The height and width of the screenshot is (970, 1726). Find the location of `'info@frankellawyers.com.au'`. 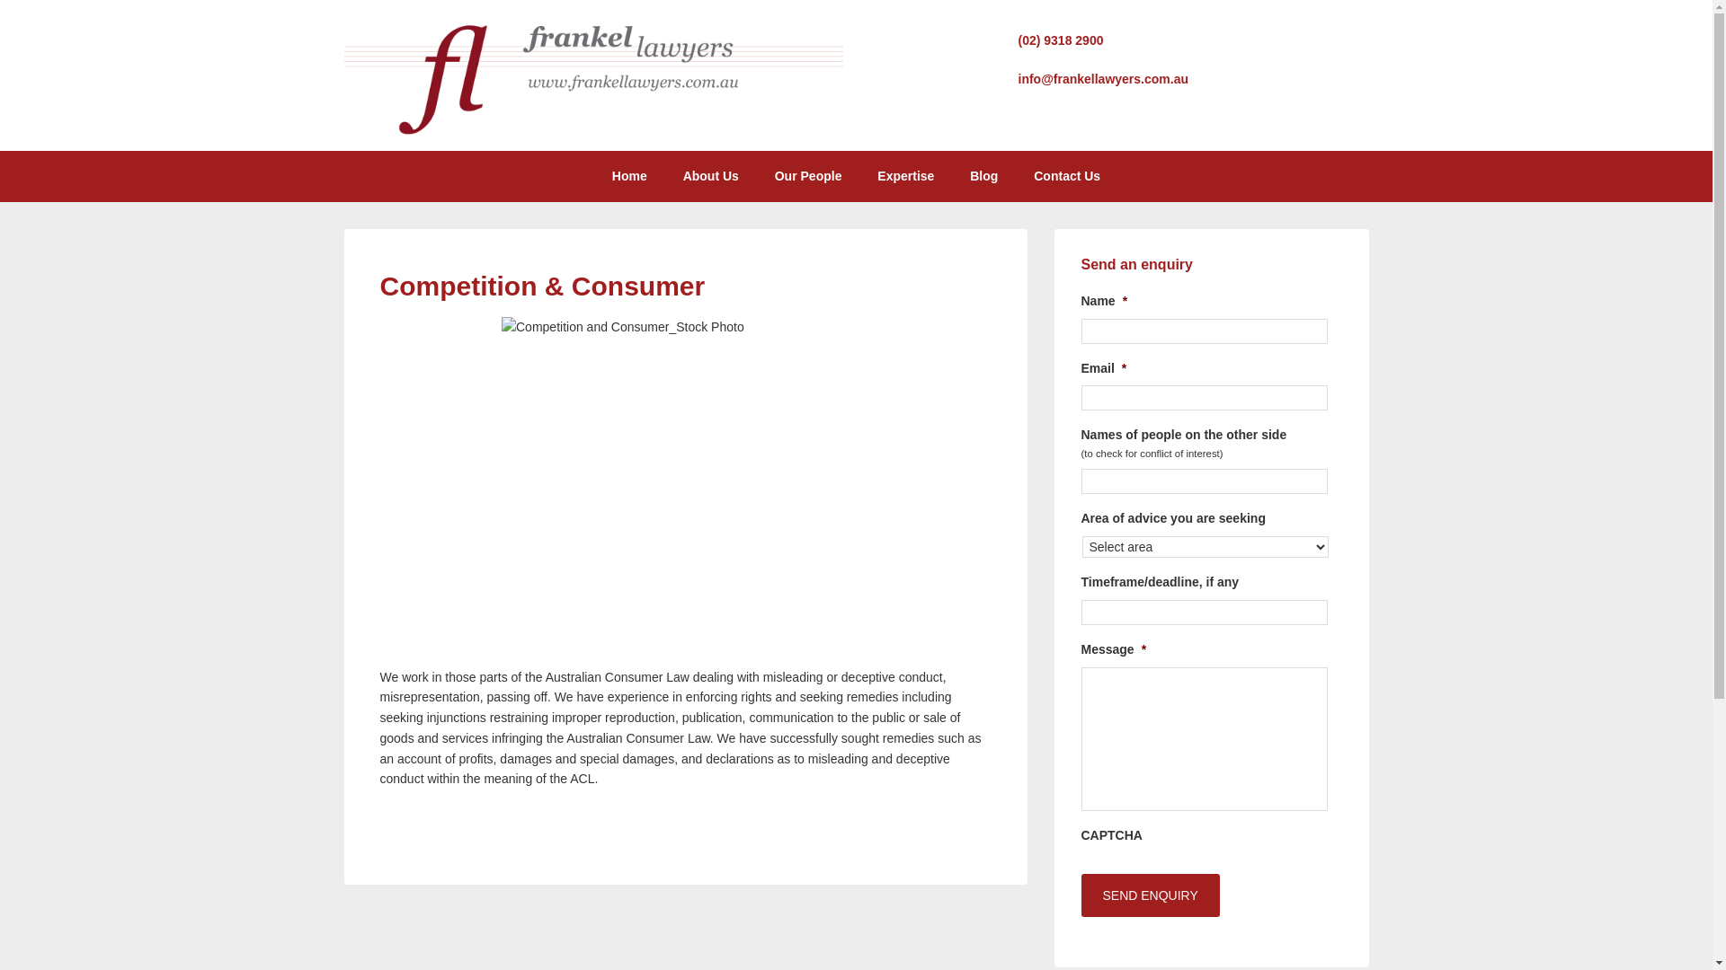

'info@frankellawyers.com.au' is located at coordinates (1102, 78).